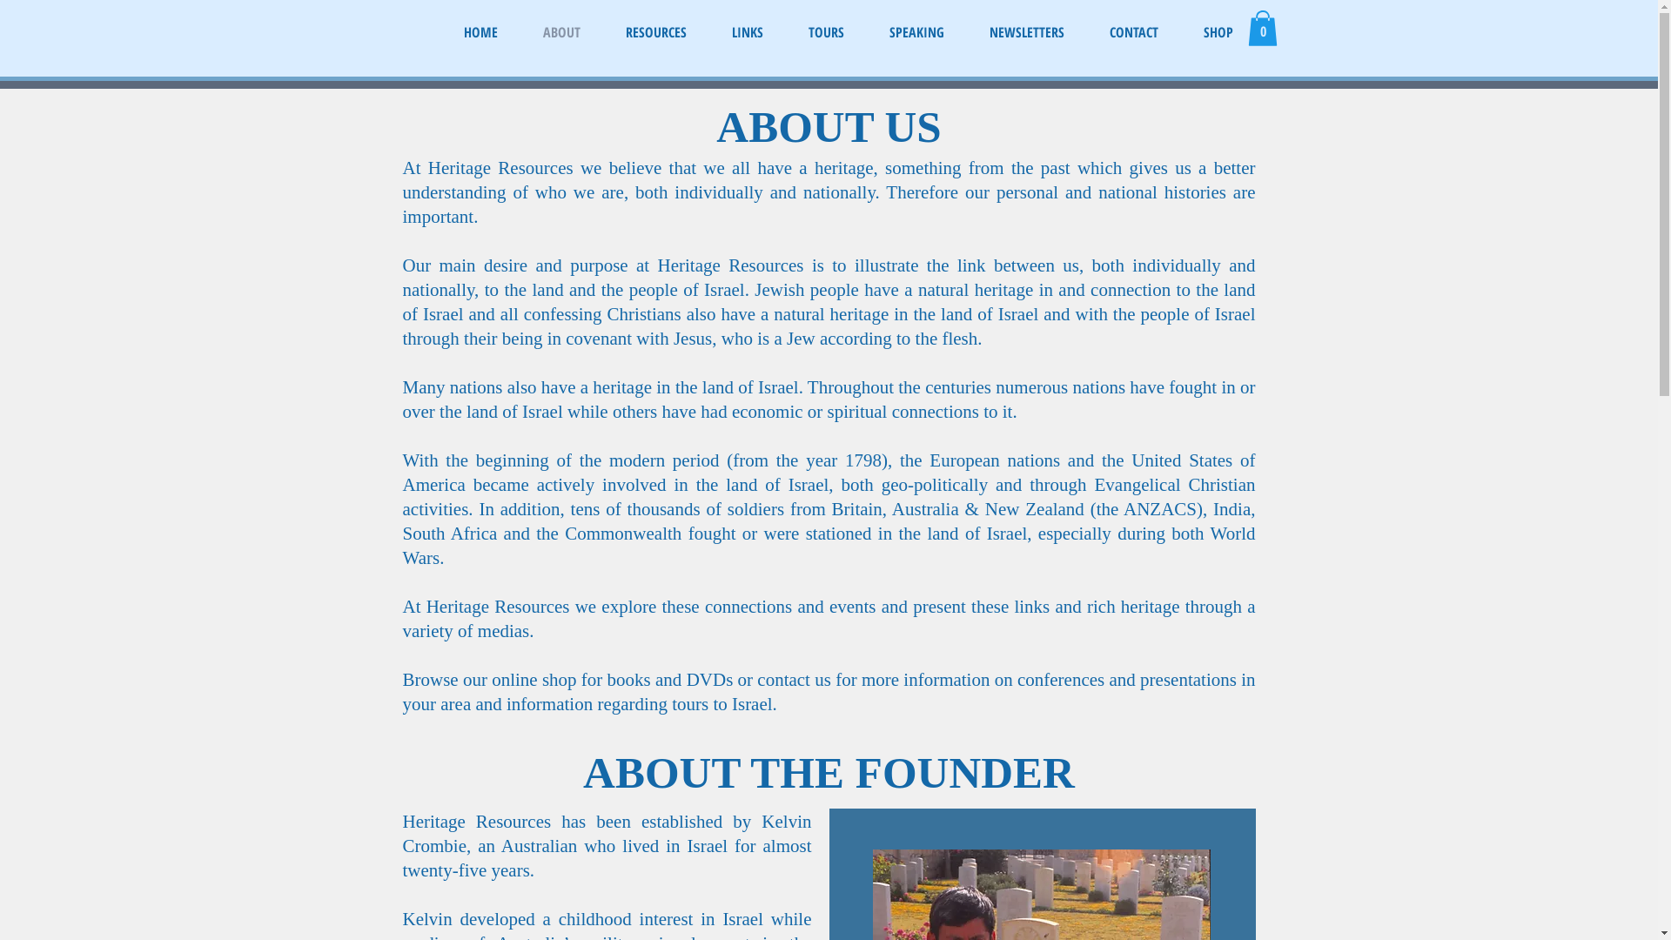  What do you see at coordinates (1085, 29) in the screenshot?
I see `'CONTACT'` at bounding box center [1085, 29].